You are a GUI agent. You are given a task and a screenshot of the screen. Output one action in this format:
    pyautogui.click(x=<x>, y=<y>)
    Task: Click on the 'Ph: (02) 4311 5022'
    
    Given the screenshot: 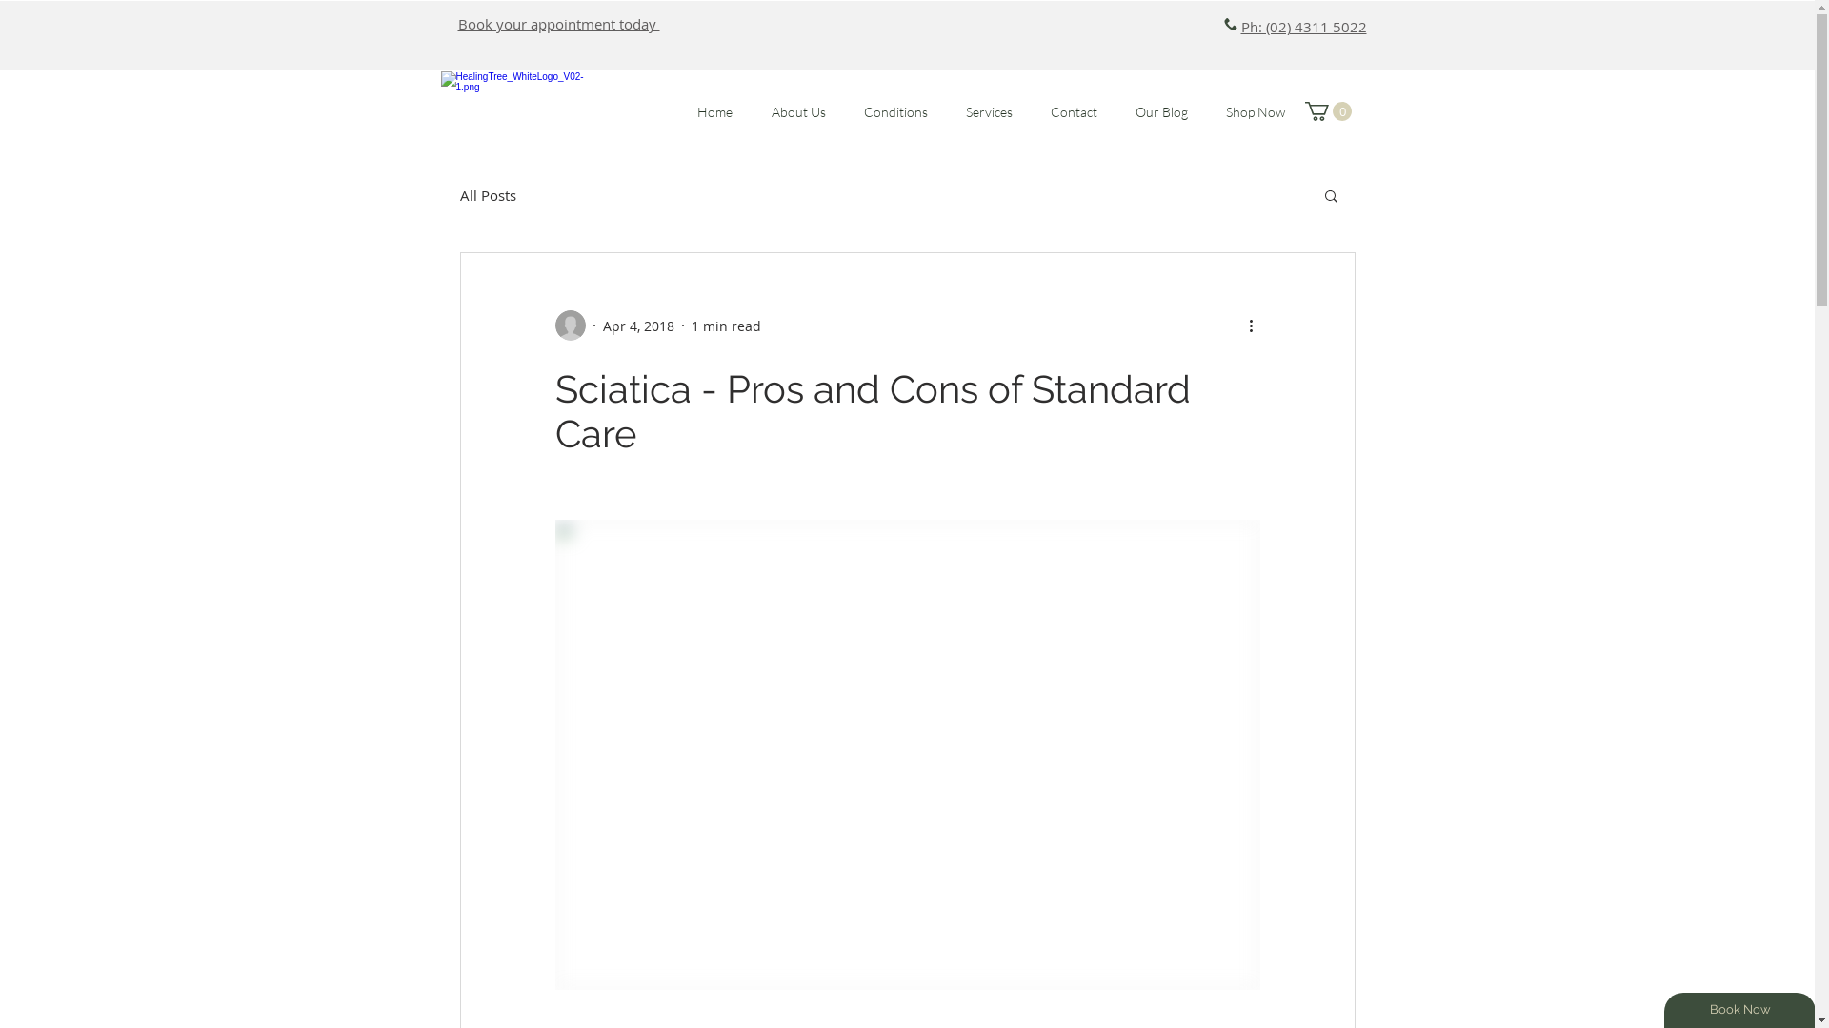 What is the action you would take?
    pyautogui.click(x=1302, y=26)
    